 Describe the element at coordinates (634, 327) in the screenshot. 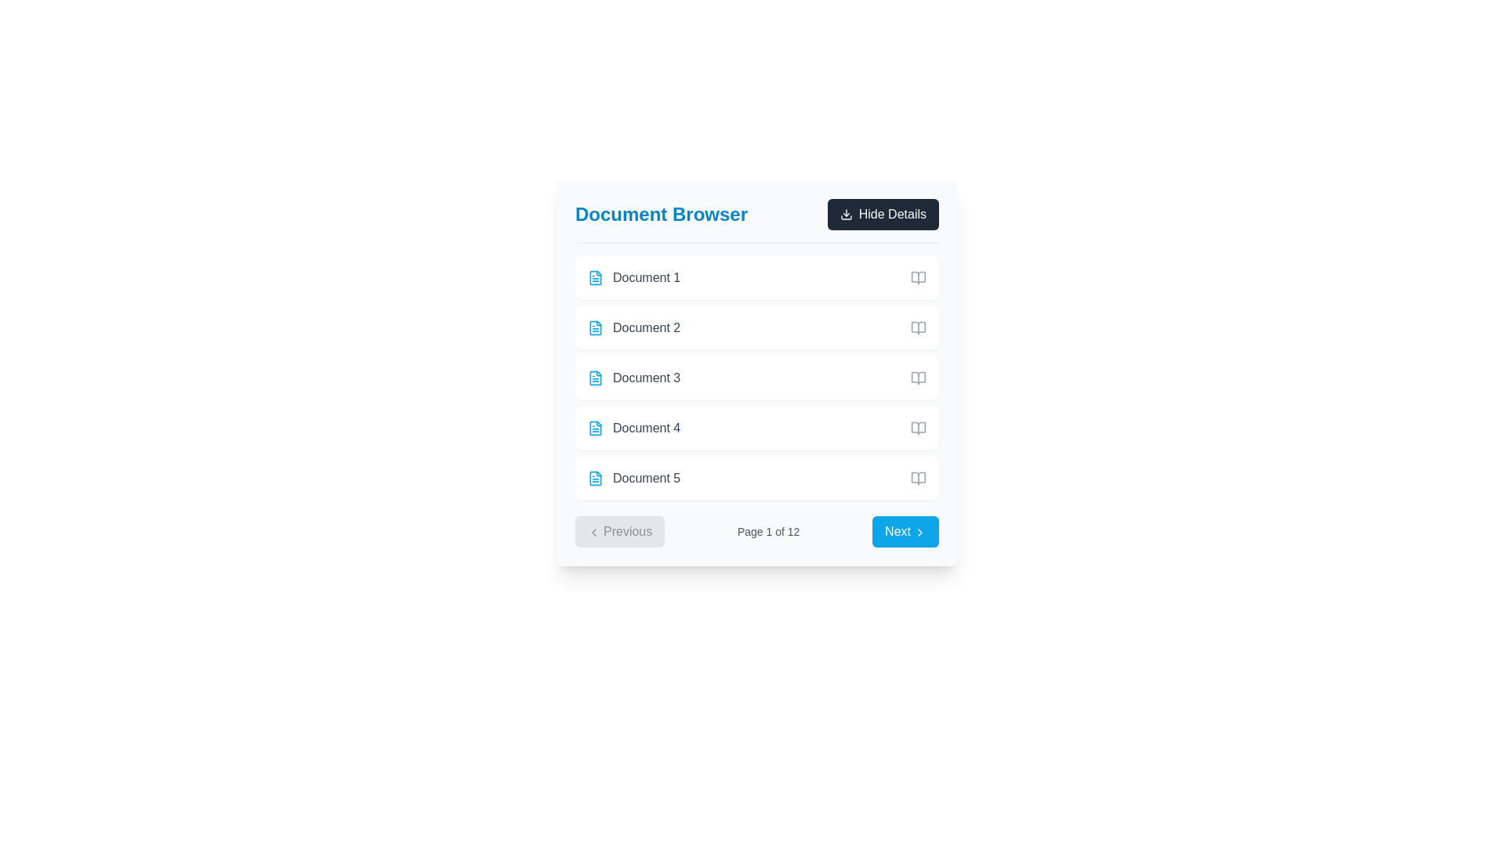

I see `the second Text item` at that location.